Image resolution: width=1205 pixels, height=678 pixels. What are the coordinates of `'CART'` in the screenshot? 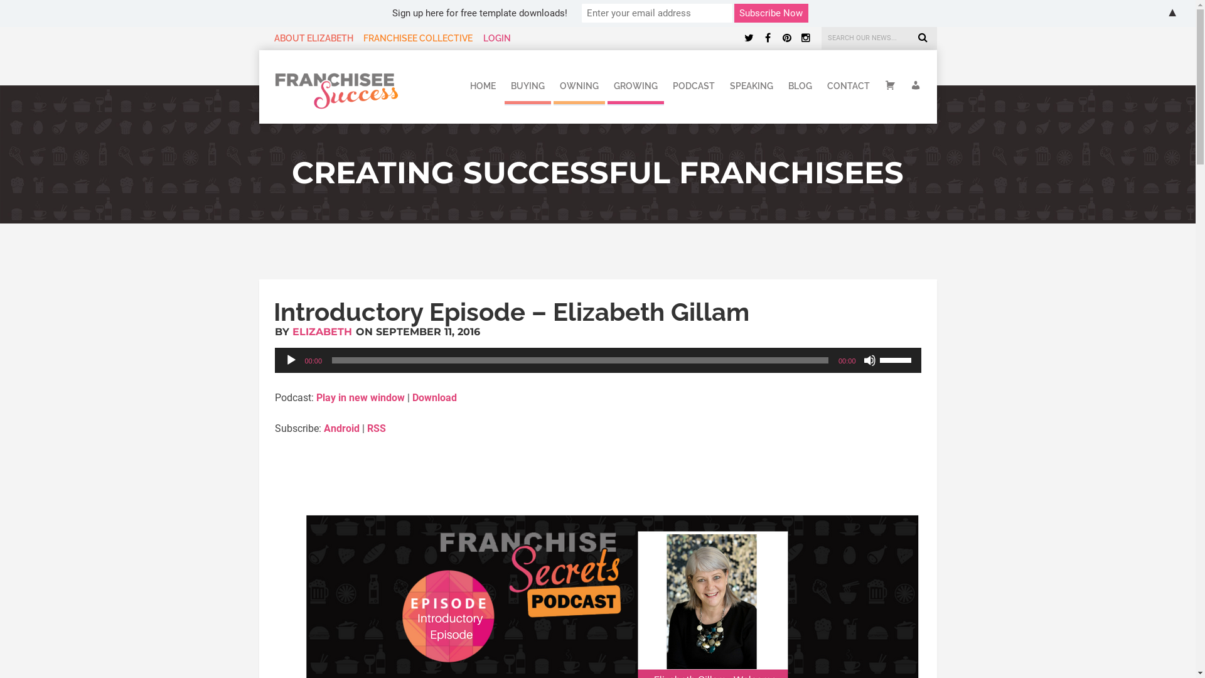 It's located at (889, 83).